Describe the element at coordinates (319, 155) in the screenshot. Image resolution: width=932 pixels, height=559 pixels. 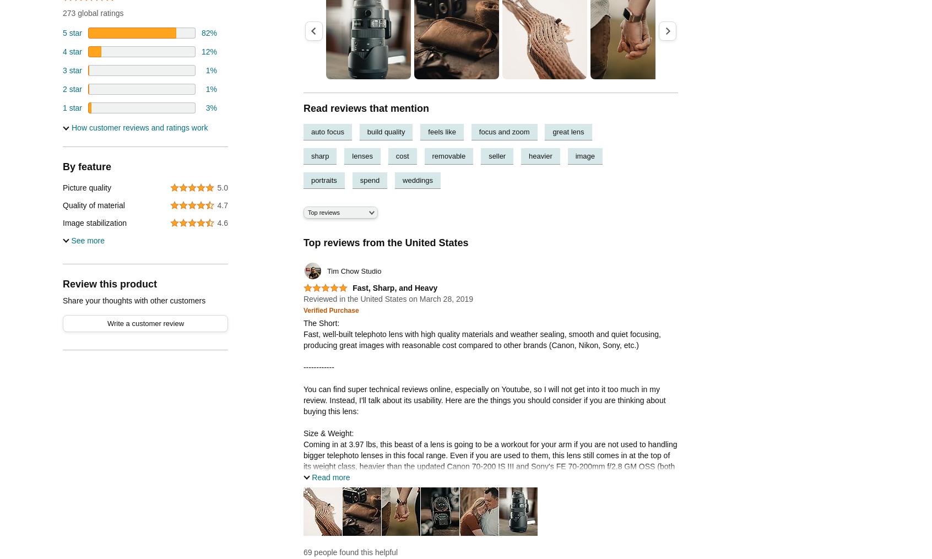
I see `'sharp'` at that location.